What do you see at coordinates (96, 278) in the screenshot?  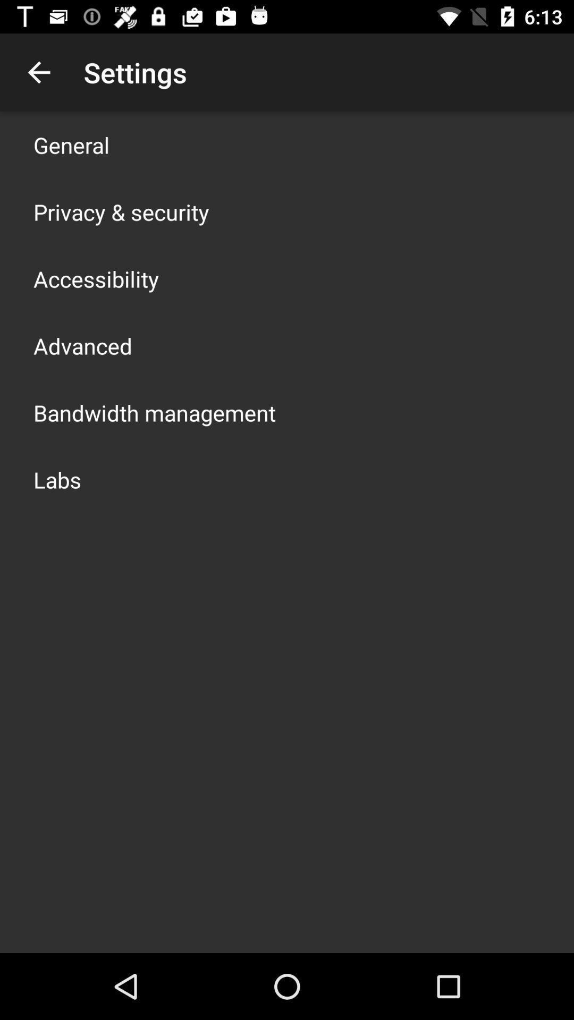 I see `the accessibility icon` at bounding box center [96, 278].